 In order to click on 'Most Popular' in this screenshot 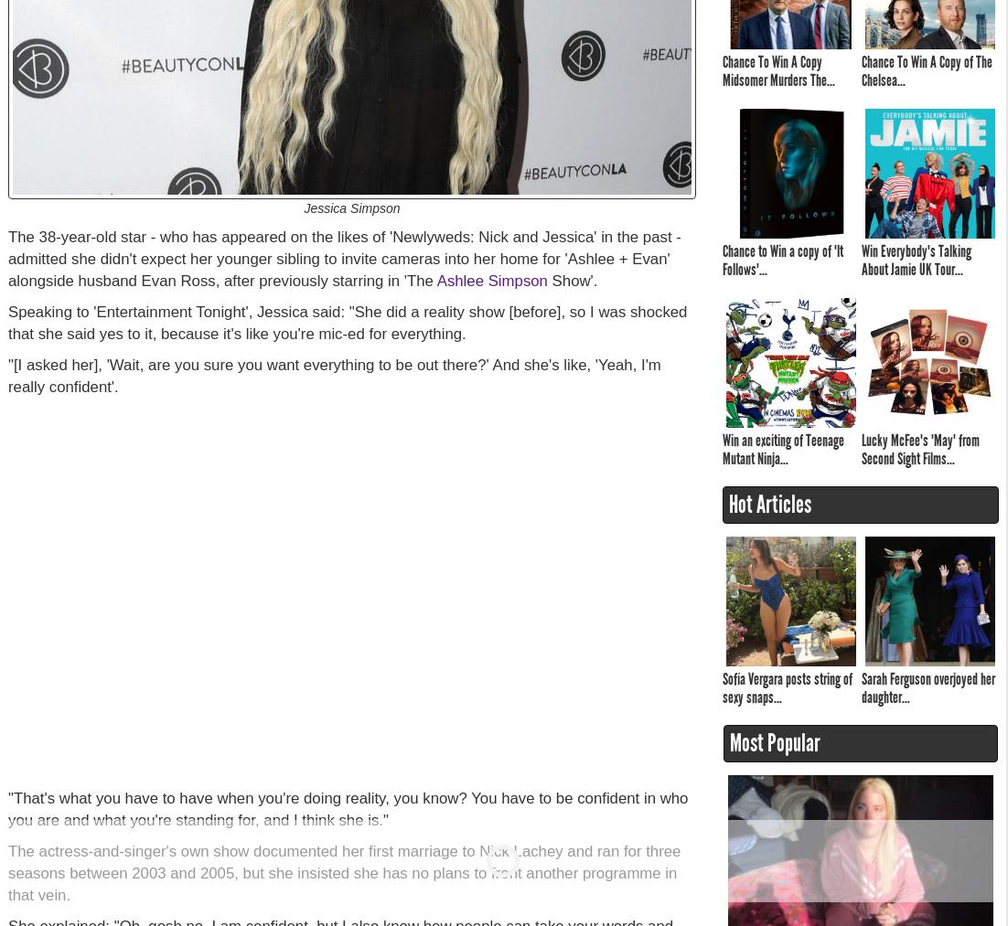, I will do `click(775, 742)`.